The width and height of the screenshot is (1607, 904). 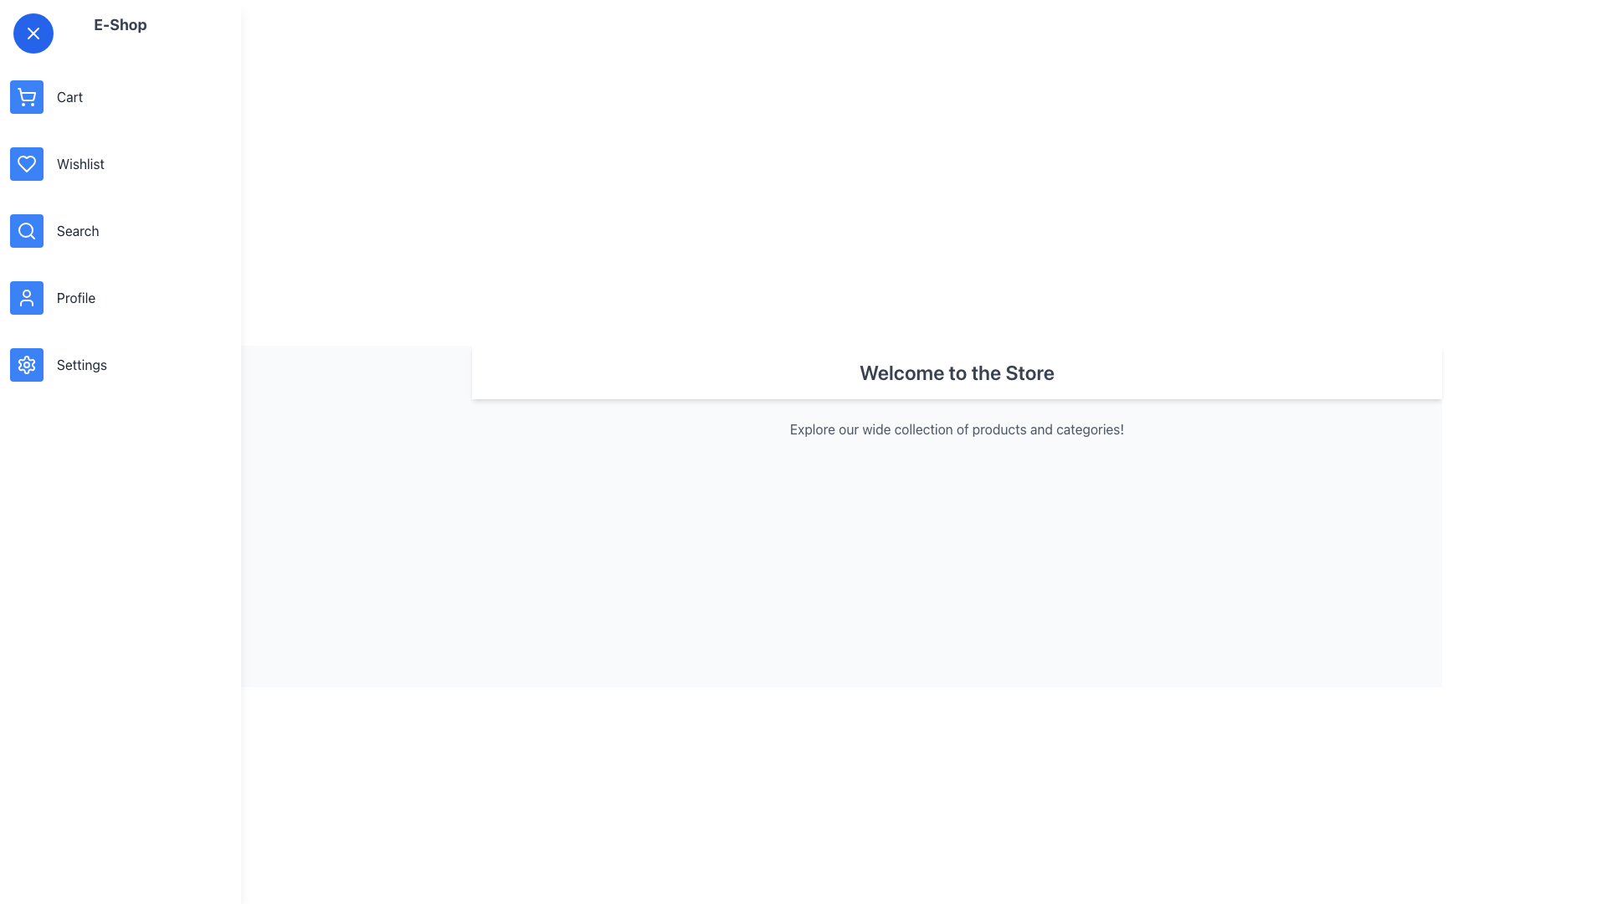 I want to click on the gear icon located at the bottom of the sidebar, which is styled with a blue background and symbolizes settings, so click(x=27, y=363).